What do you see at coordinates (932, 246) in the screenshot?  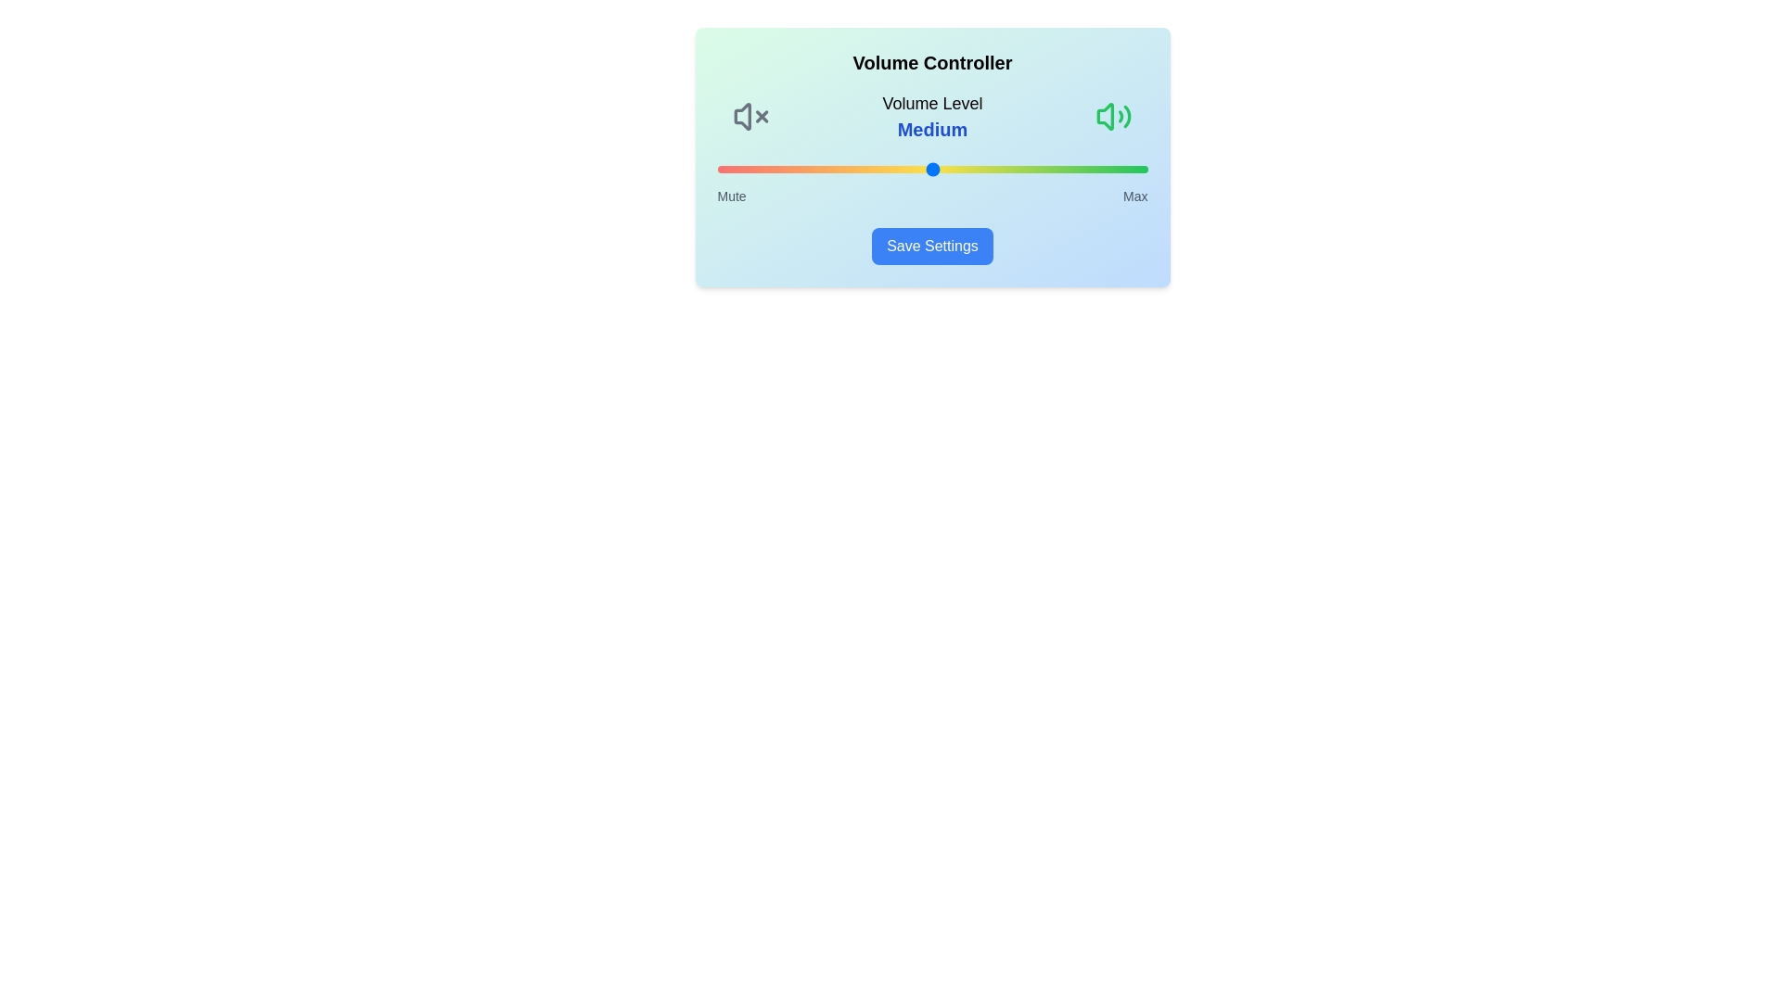 I see `the 'Save Settings' button` at bounding box center [932, 246].